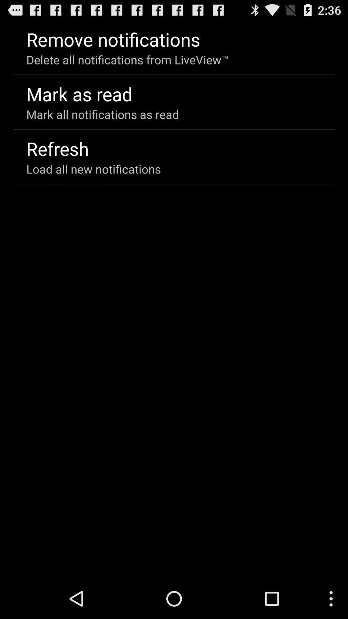  What do you see at coordinates (93, 169) in the screenshot?
I see `icon below refresh item` at bounding box center [93, 169].